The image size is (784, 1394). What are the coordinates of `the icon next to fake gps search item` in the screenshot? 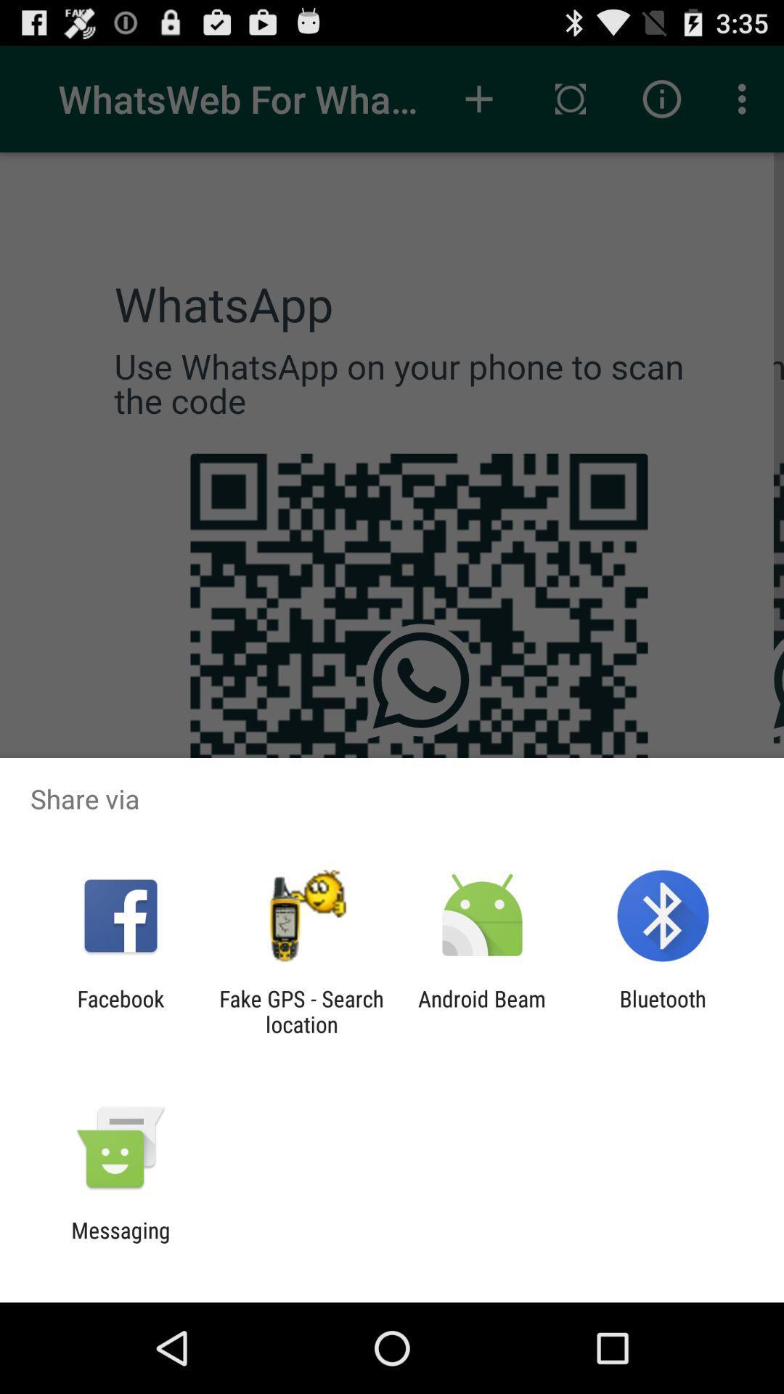 It's located at (120, 1011).